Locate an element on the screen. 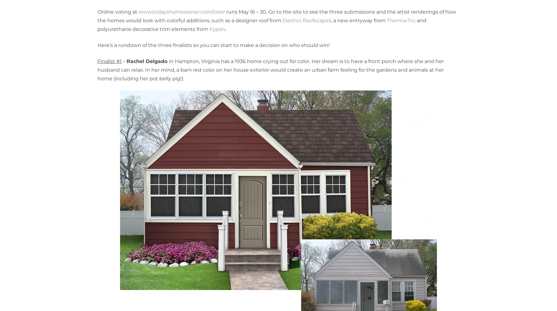 The width and height of the screenshot is (557, 311). 'in Hampton, Virginia has a 1936 home crying out for color. Her dream is to have a front porch where she and her husband can relax. In her mind, a barn red color on her house exterior would create an urban farm feeling for the gardens and animals at her home (including her pot belly pig!).' is located at coordinates (270, 70).